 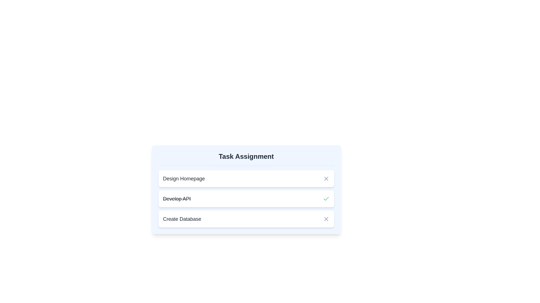 I want to click on the small gray icon button shaped like a close 'X' symbol, located to the right of the 'Create Database' text, so click(x=326, y=219).